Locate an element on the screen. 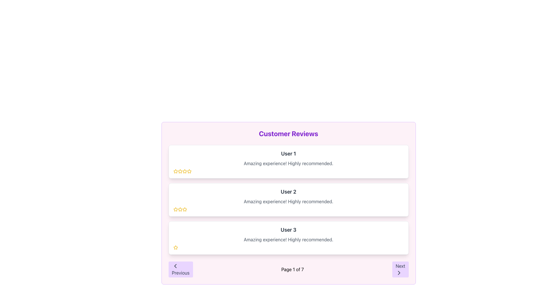 The height and width of the screenshot is (307, 545). the rating value by interacting with the first gold-colored star icon in the rating indicator for User 2 in the Customer Reviews section is located at coordinates (175, 209).